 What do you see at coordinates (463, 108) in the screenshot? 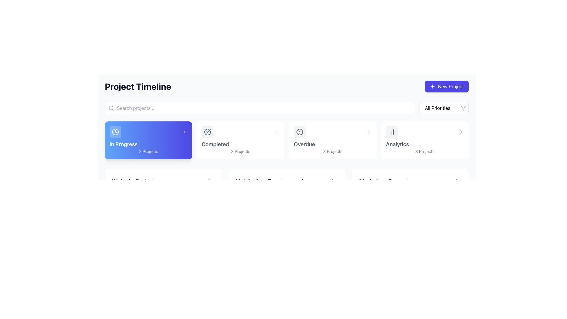
I see `the filtering icon located in the top-right corner of the header bar, next to the 'All Priorities' dropdown` at bounding box center [463, 108].